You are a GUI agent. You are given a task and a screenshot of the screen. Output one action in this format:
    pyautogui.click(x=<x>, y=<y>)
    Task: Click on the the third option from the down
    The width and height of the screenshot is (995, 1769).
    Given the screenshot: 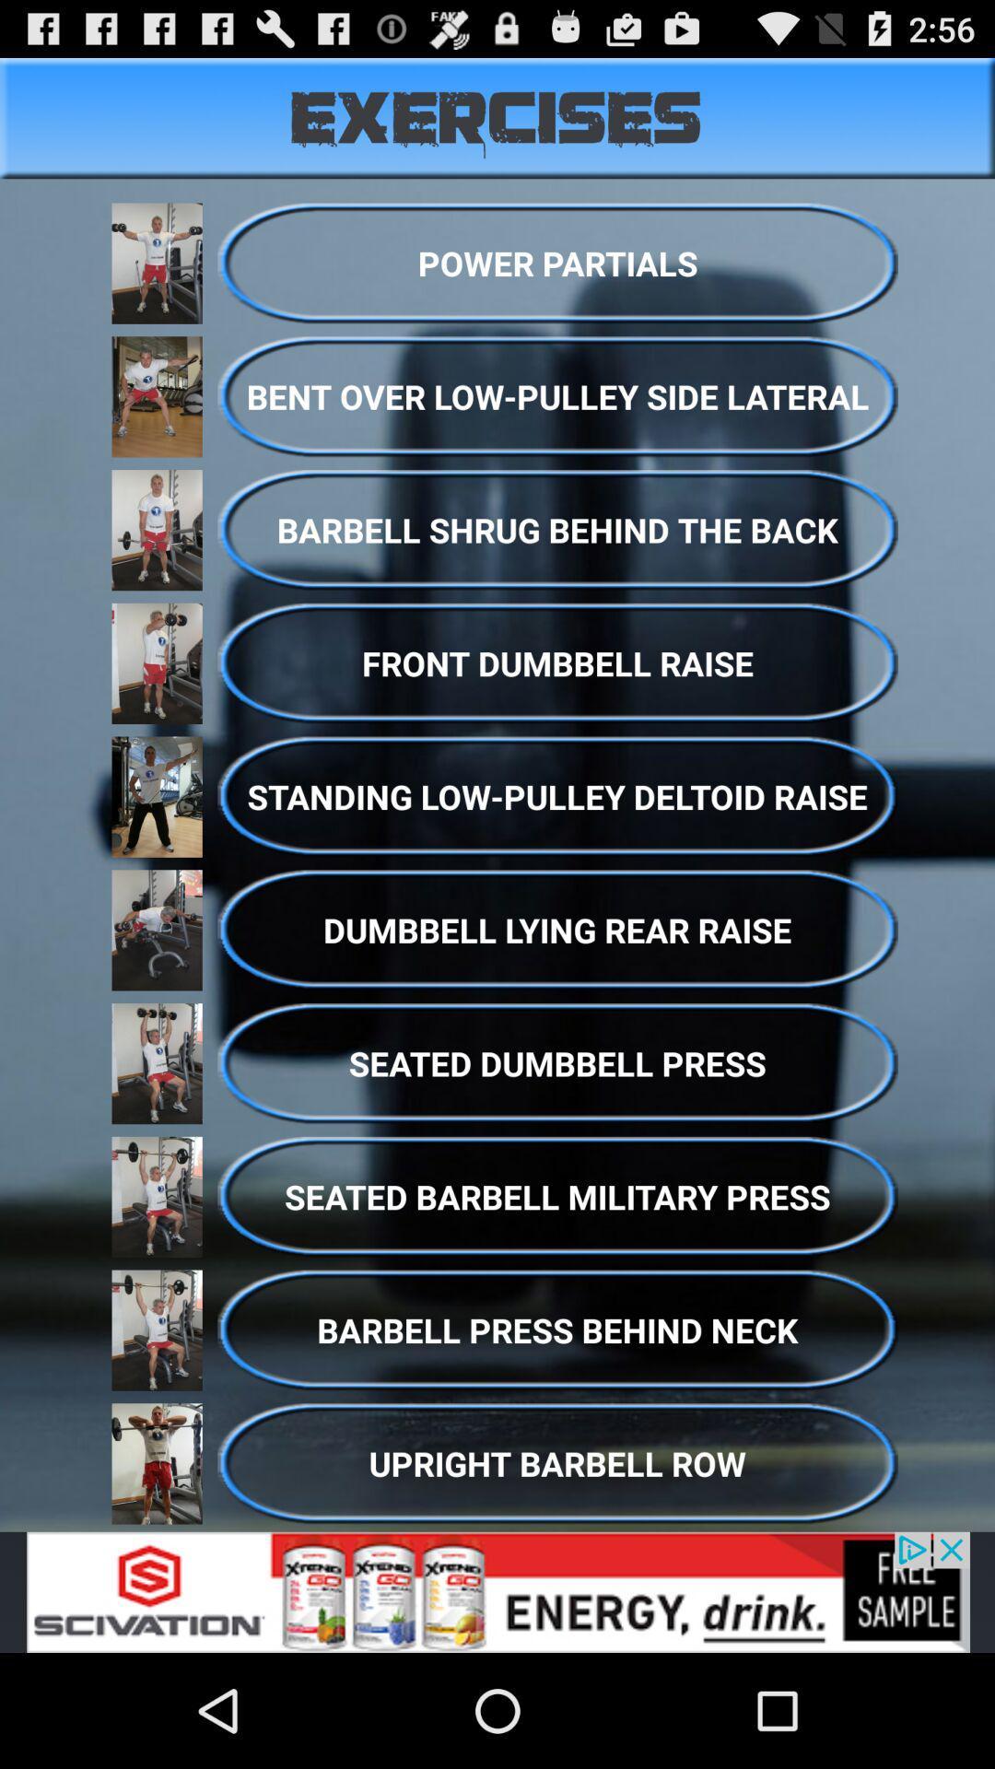 What is the action you would take?
    pyautogui.click(x=556, y=1197)
    